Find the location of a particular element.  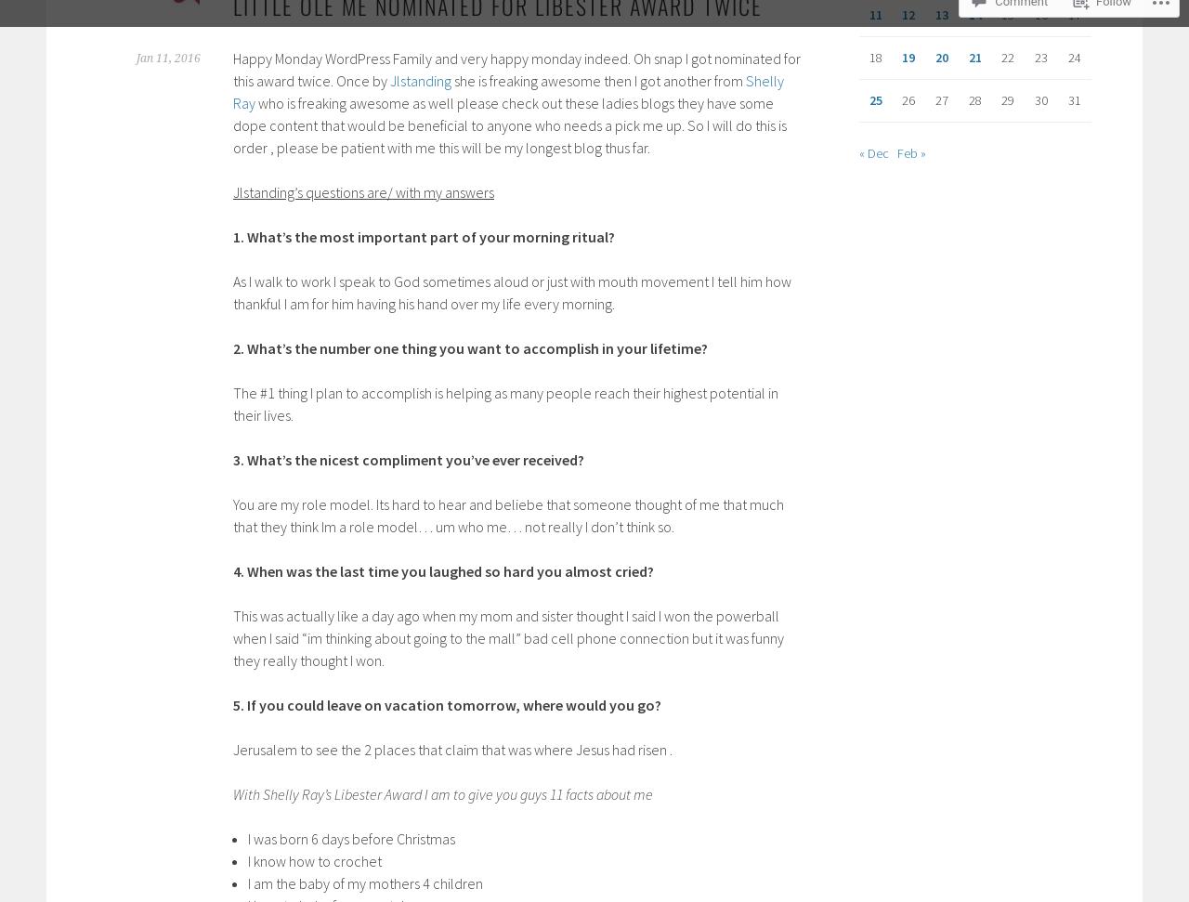

'20' is located at coordinates (940, 57).